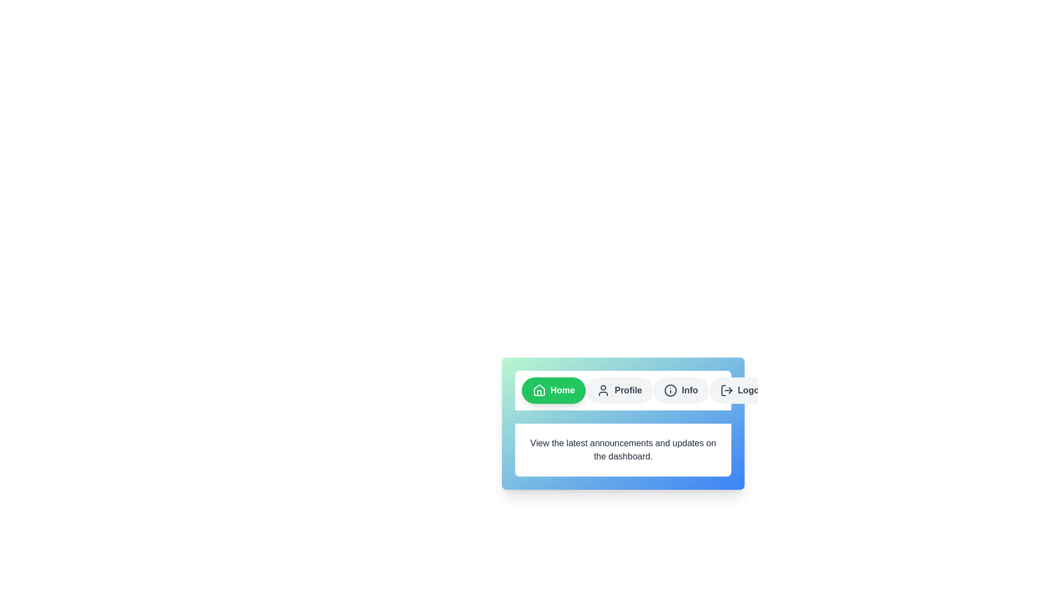  What do you see at coordinates (539, 390) in the screenshot?
I see `the home icon located at the top-left side of the interface, which is part of the button labeled 'Home'` at bounding box center [539, 390].